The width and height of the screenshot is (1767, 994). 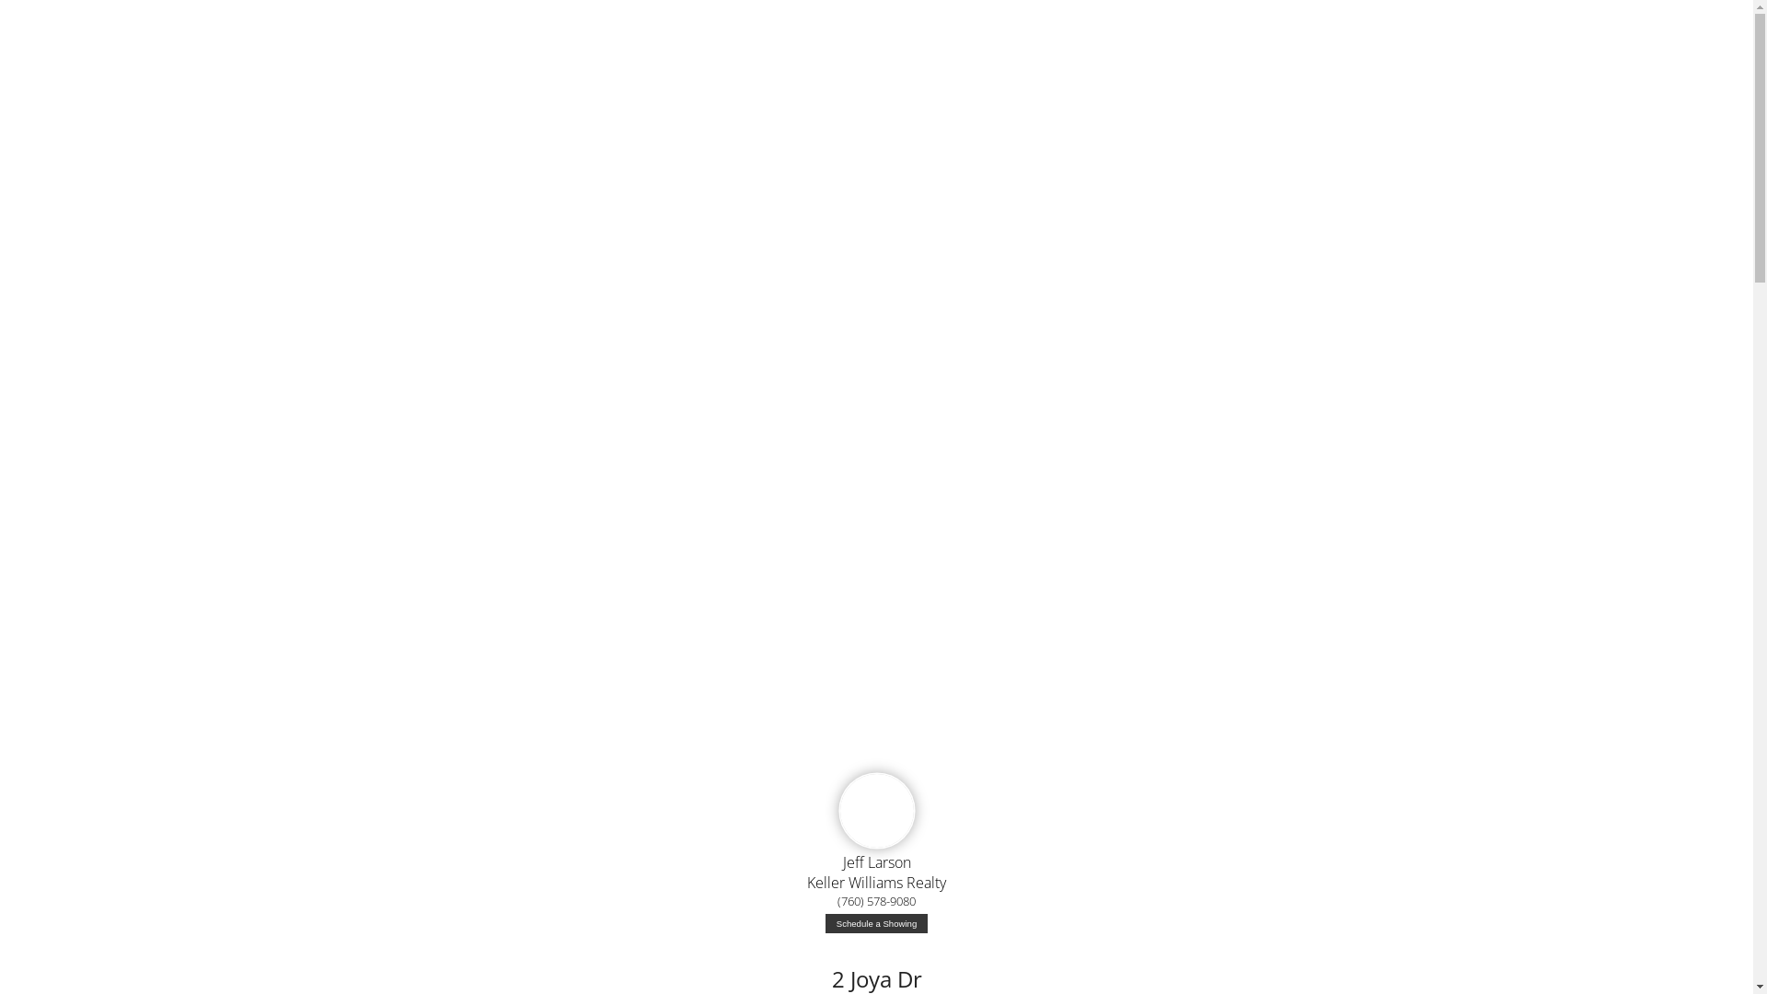 What do you see at coordinates (875, 923) in the screenshot?
I see `'Schedule a Showing'` at bounding box center [875, 923].